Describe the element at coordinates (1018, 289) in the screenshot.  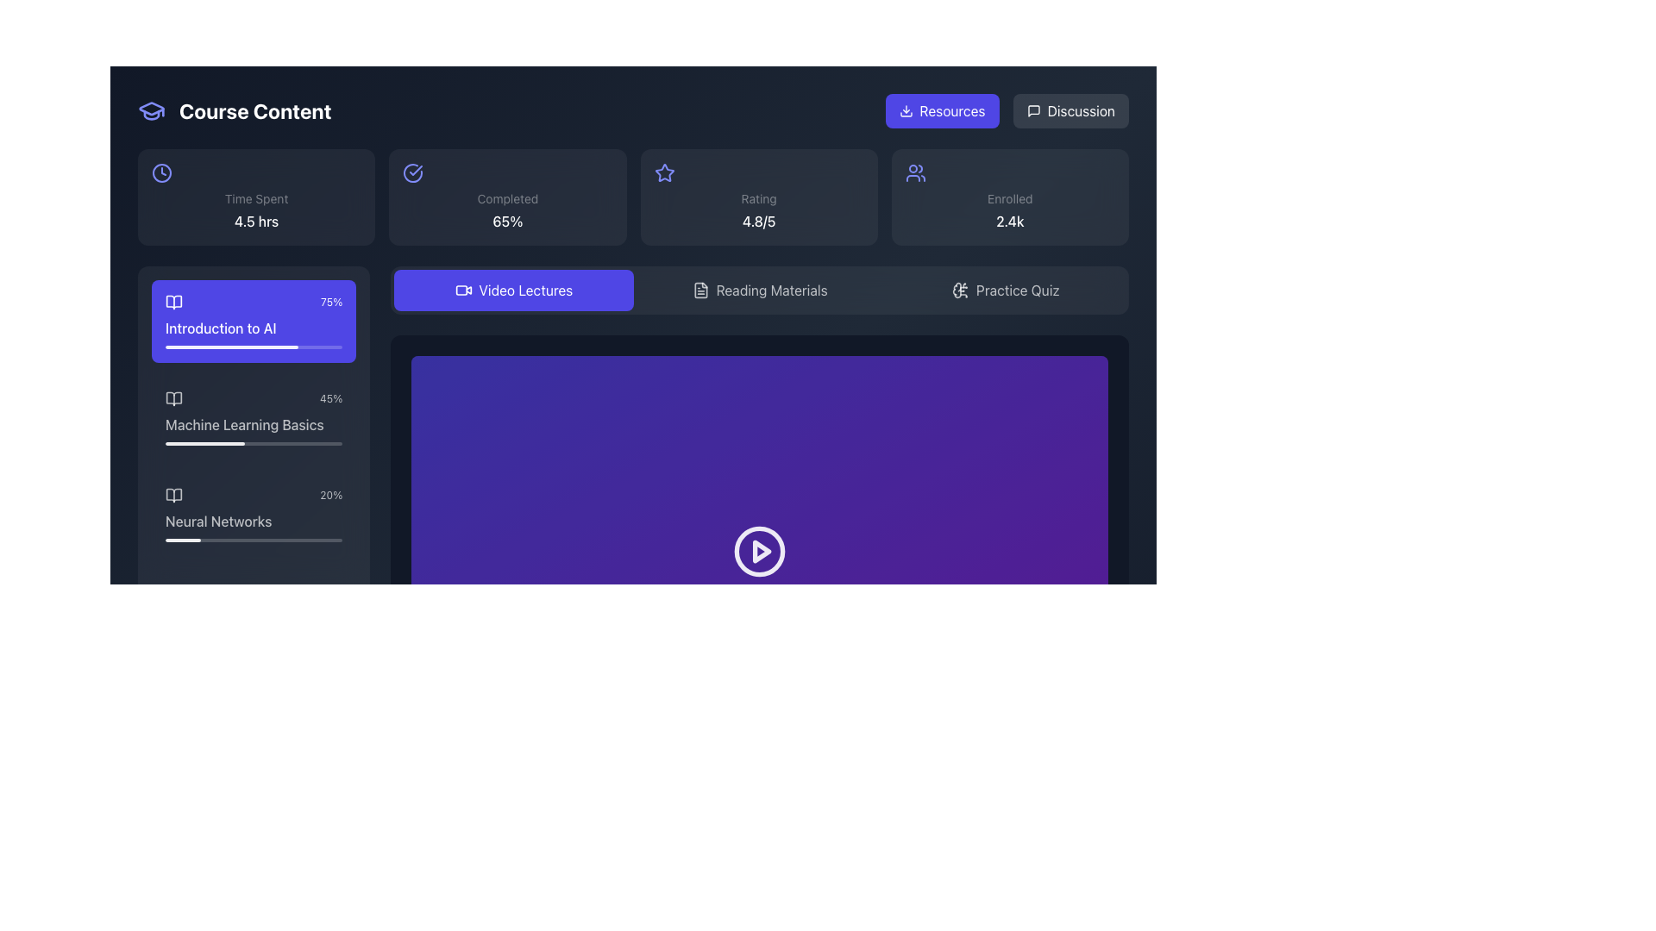
I see `the button labeled 'Practice Quiz' located in the lower-right section of the horizontal navigation segment` at that location.